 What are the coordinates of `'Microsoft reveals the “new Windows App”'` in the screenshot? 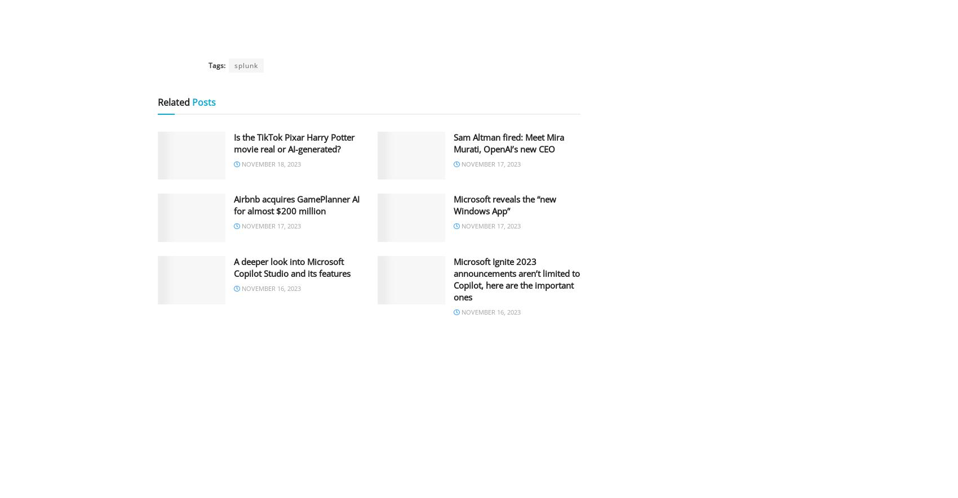 It's located at (505, 204).